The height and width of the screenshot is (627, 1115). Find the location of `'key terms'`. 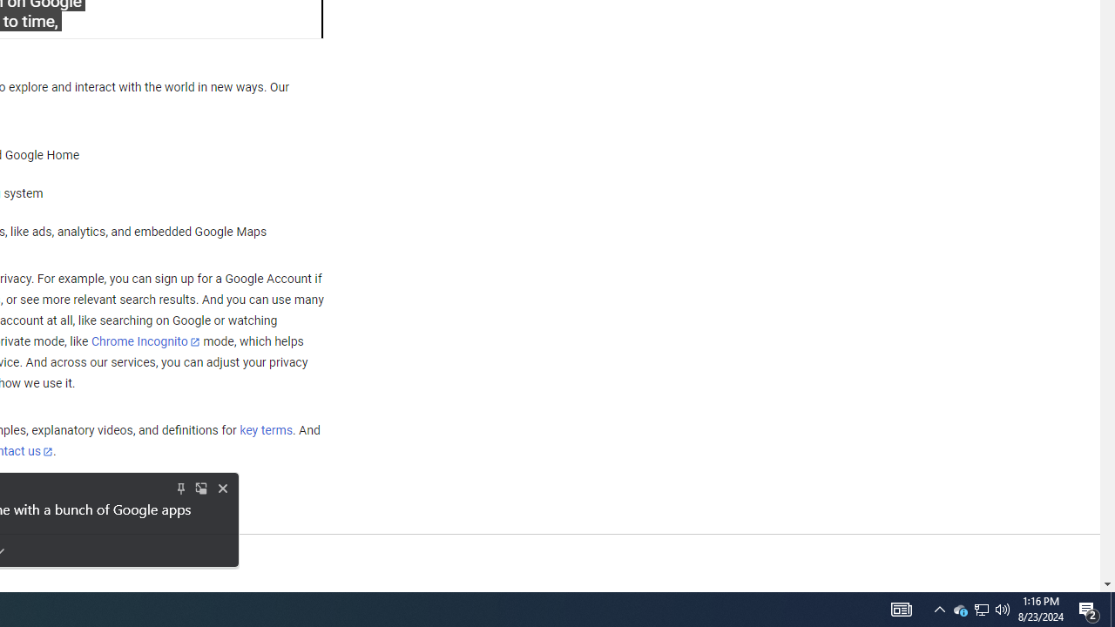

'key terms' is located at coordinates (265, 431).